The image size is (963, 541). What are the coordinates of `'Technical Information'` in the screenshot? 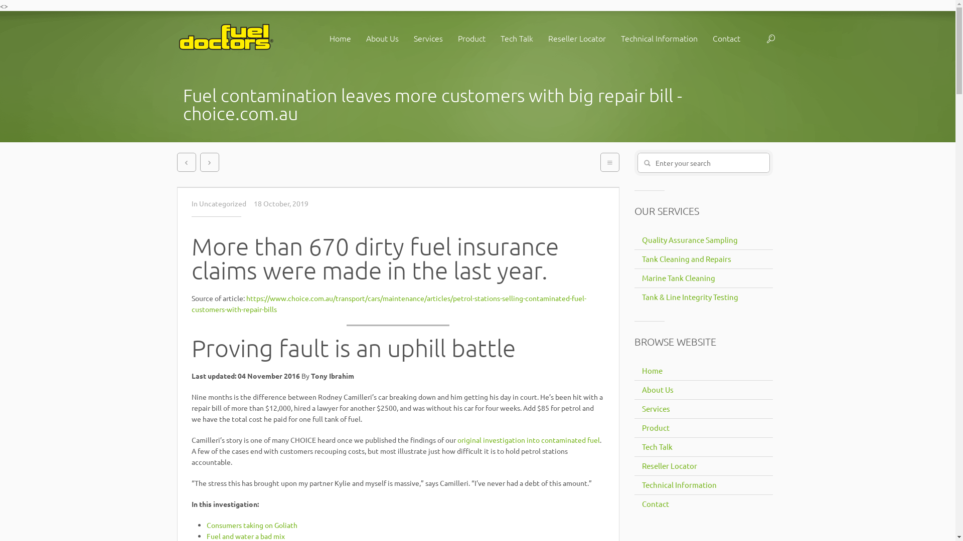 It's located at (677, 484).